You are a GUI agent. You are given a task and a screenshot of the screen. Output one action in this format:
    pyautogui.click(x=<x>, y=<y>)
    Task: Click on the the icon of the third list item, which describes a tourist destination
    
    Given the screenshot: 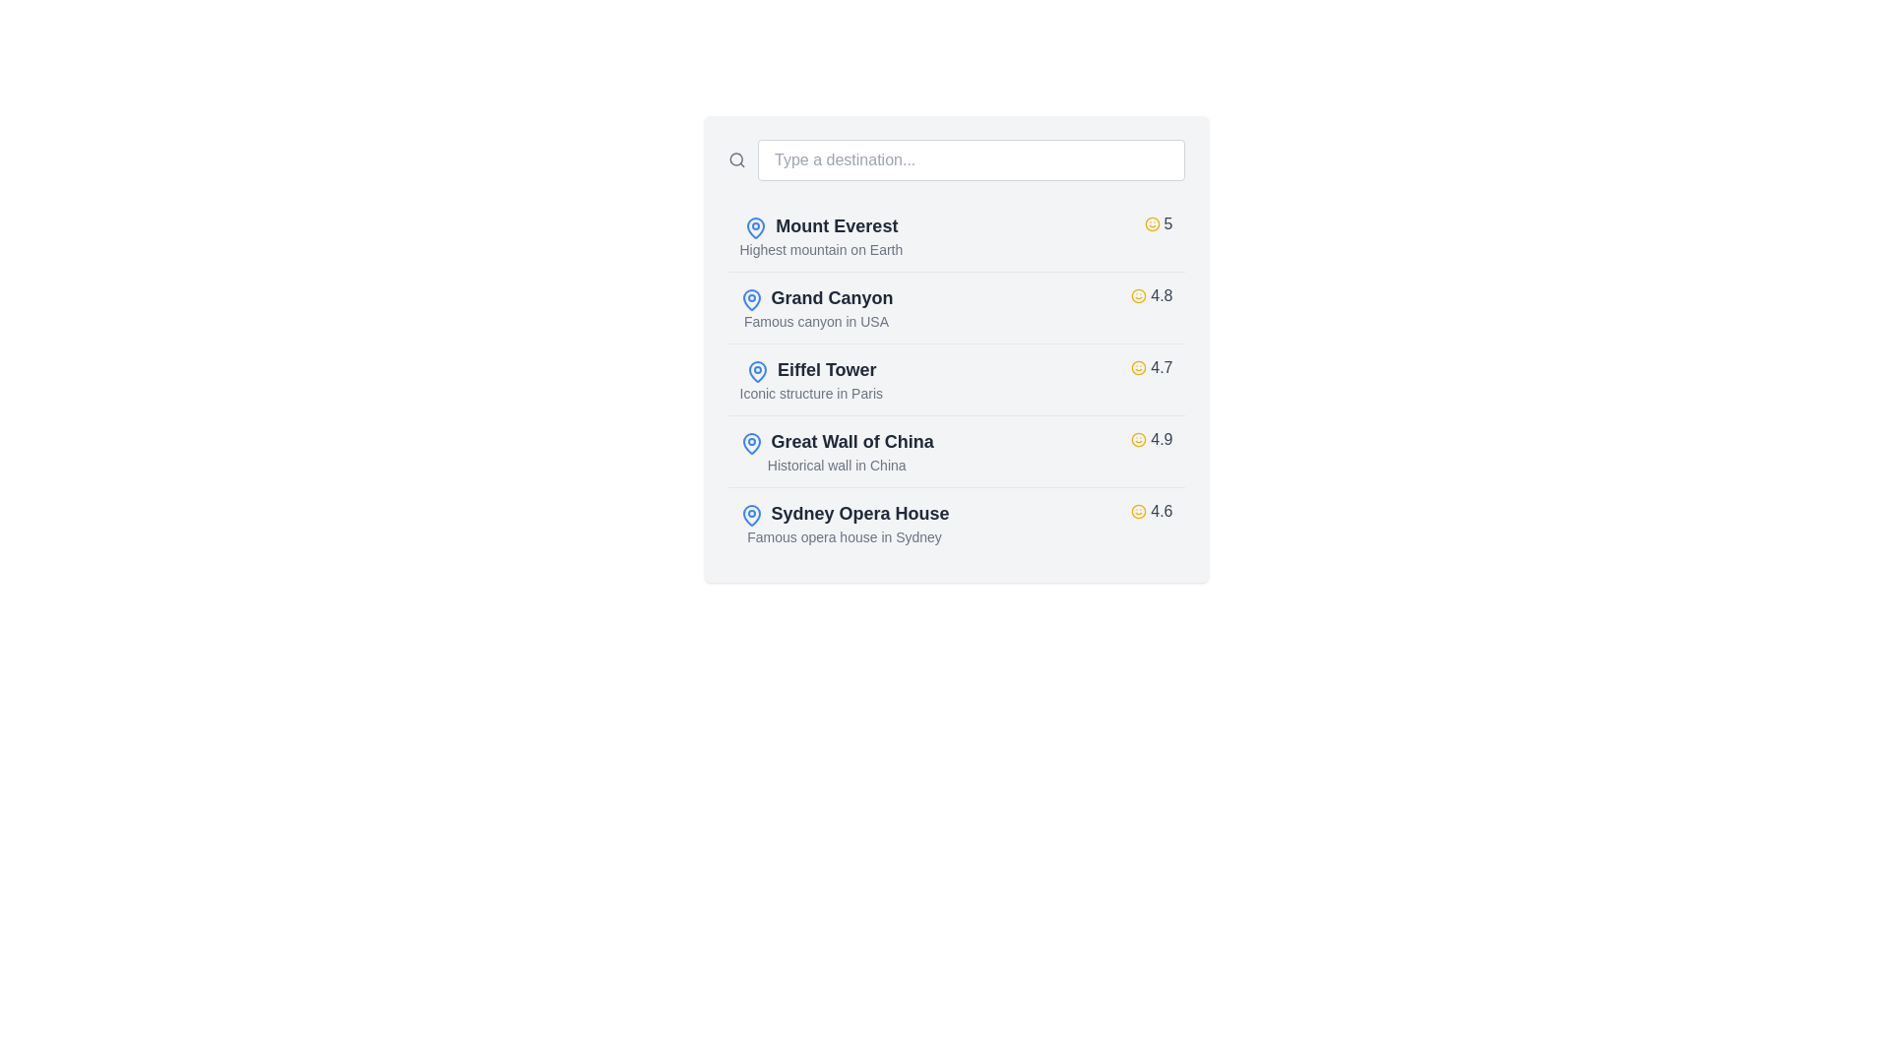 What is the action you would take?
    pyautogui.click(x=811, y=379)
    